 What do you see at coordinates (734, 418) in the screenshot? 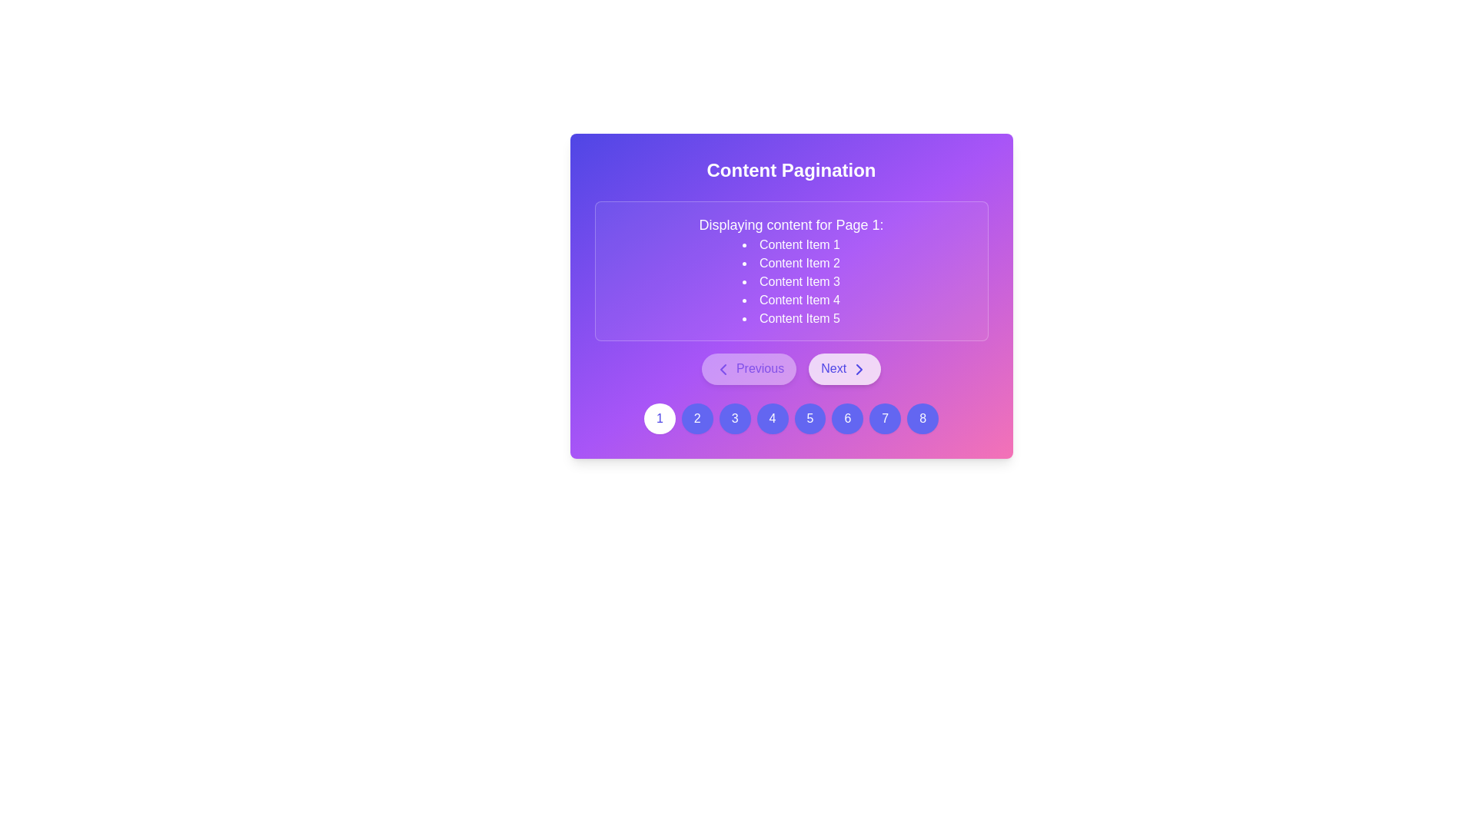
I see `the third pagination button located at the bottom center of the interface` at bounding box center [734, 418].